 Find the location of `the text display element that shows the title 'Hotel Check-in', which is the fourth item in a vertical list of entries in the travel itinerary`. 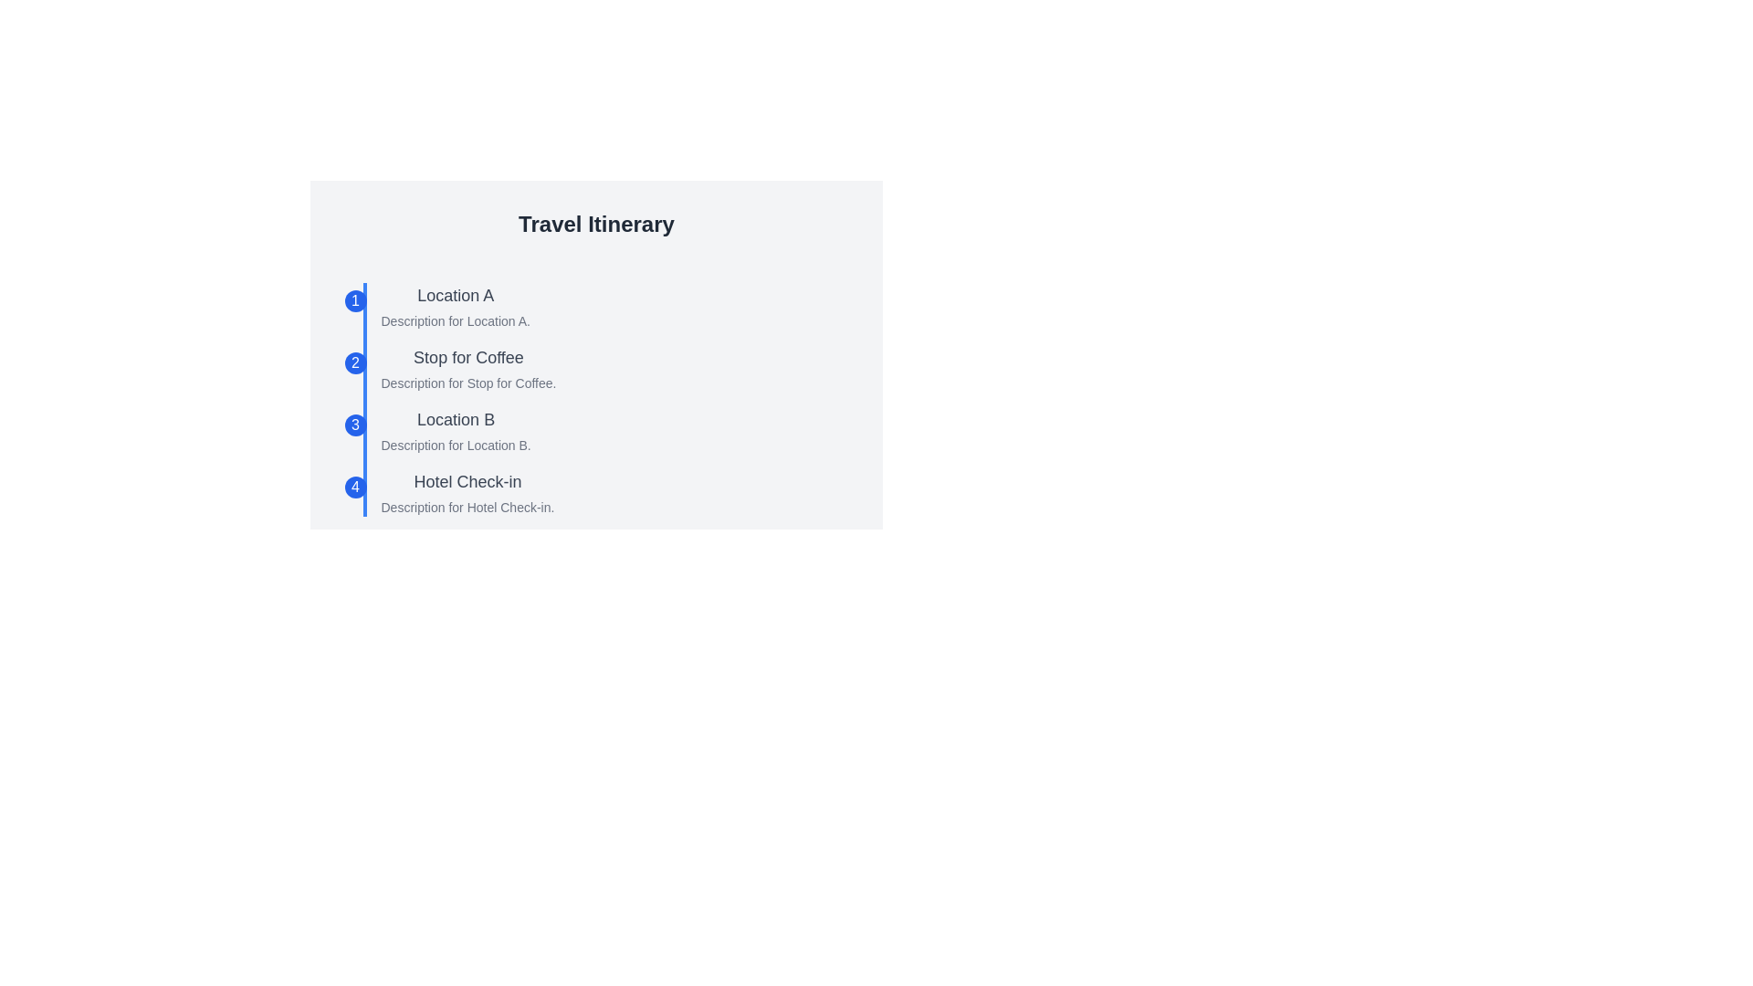

the text display element that shows the title 'Hotel Check-in', which is the fourth item in a vertical list of entries in the travel itinerary is located at coordinates (467, 493).